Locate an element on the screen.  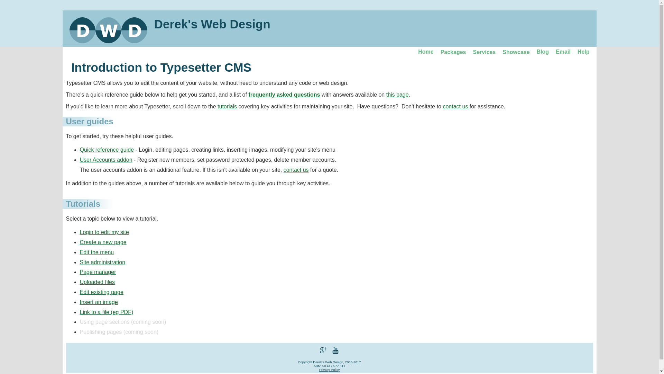
'Page manager' is located at coordinates (97, 271).